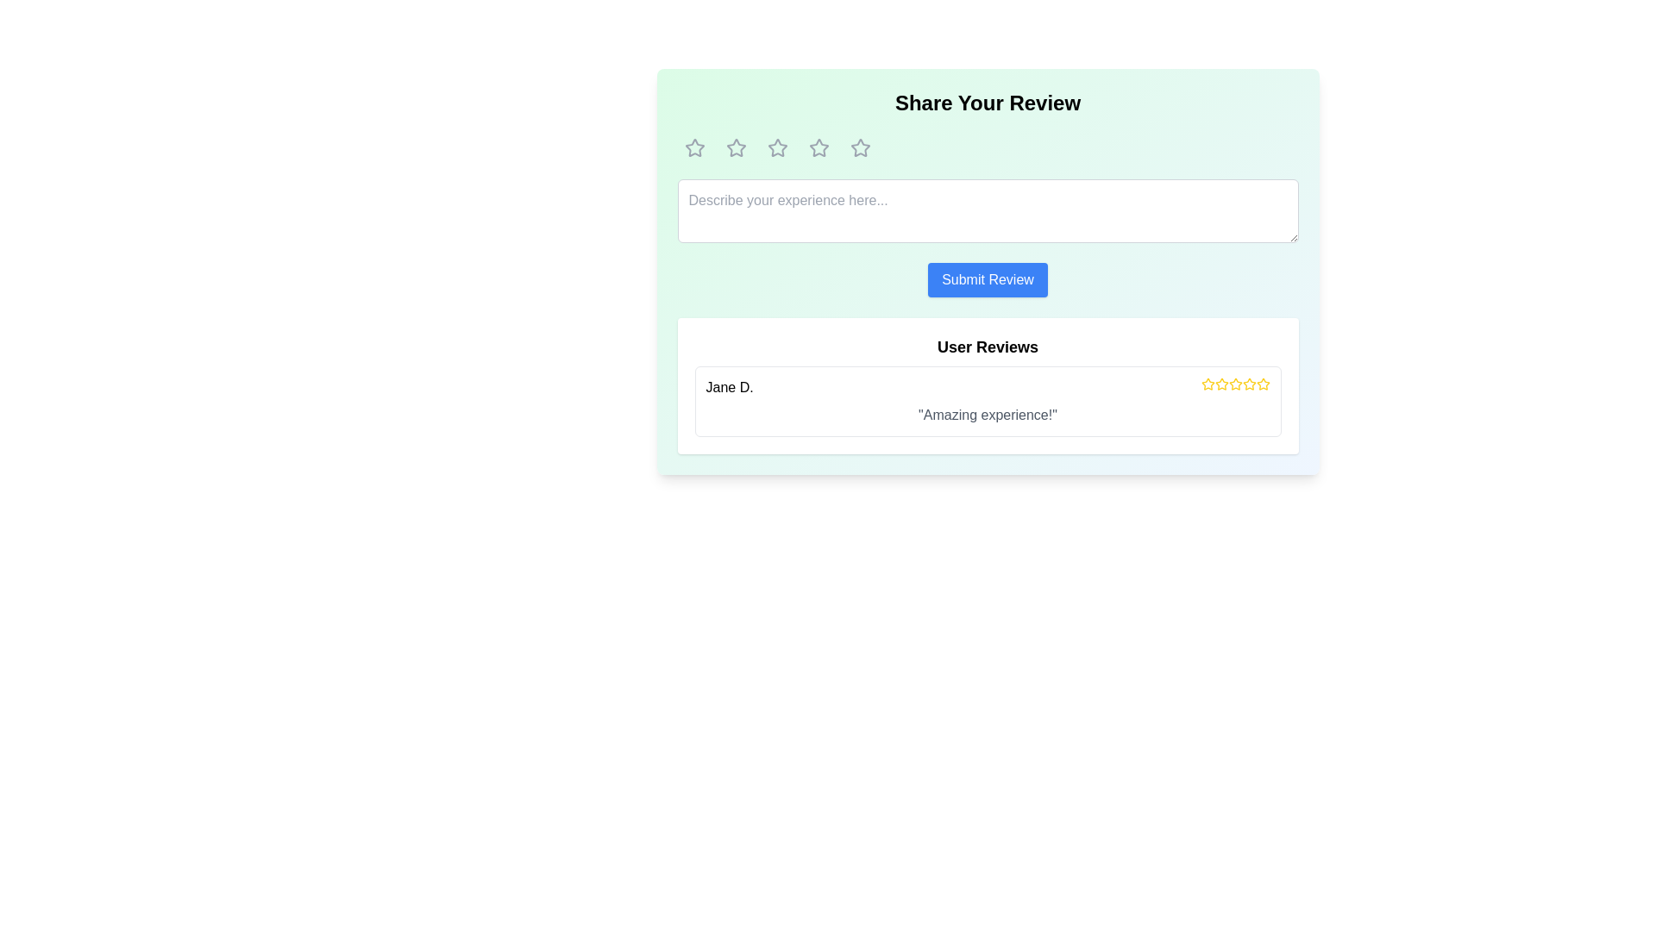 The image size is (1656, 931). Describe the element at coordinates (776, 147) in the screenshot. I see `the second star icon in the rating interface to provide a rating in the 'Share Your Review' section` at that location.